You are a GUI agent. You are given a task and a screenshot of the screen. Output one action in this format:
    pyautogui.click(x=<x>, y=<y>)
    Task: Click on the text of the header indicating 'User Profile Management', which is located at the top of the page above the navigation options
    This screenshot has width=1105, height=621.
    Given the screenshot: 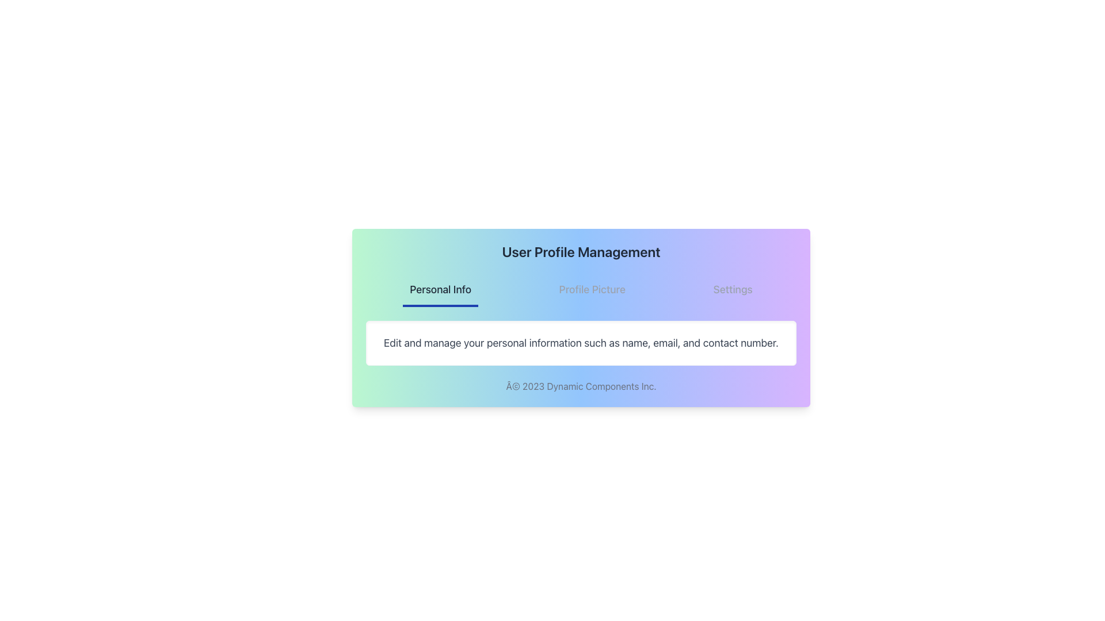 What is the action you would take?
    pyautogui.click(x=581, y=251)
    